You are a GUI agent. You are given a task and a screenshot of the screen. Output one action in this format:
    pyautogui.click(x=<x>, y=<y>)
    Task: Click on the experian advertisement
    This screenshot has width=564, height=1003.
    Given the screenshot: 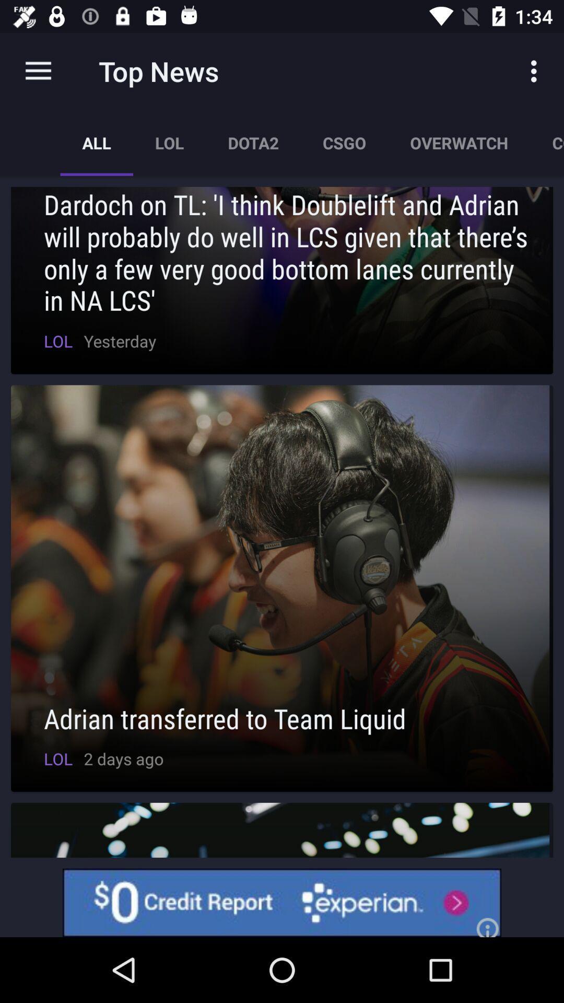 What is the action you would take?
    pyautogui.click(x=282, y=902)
    